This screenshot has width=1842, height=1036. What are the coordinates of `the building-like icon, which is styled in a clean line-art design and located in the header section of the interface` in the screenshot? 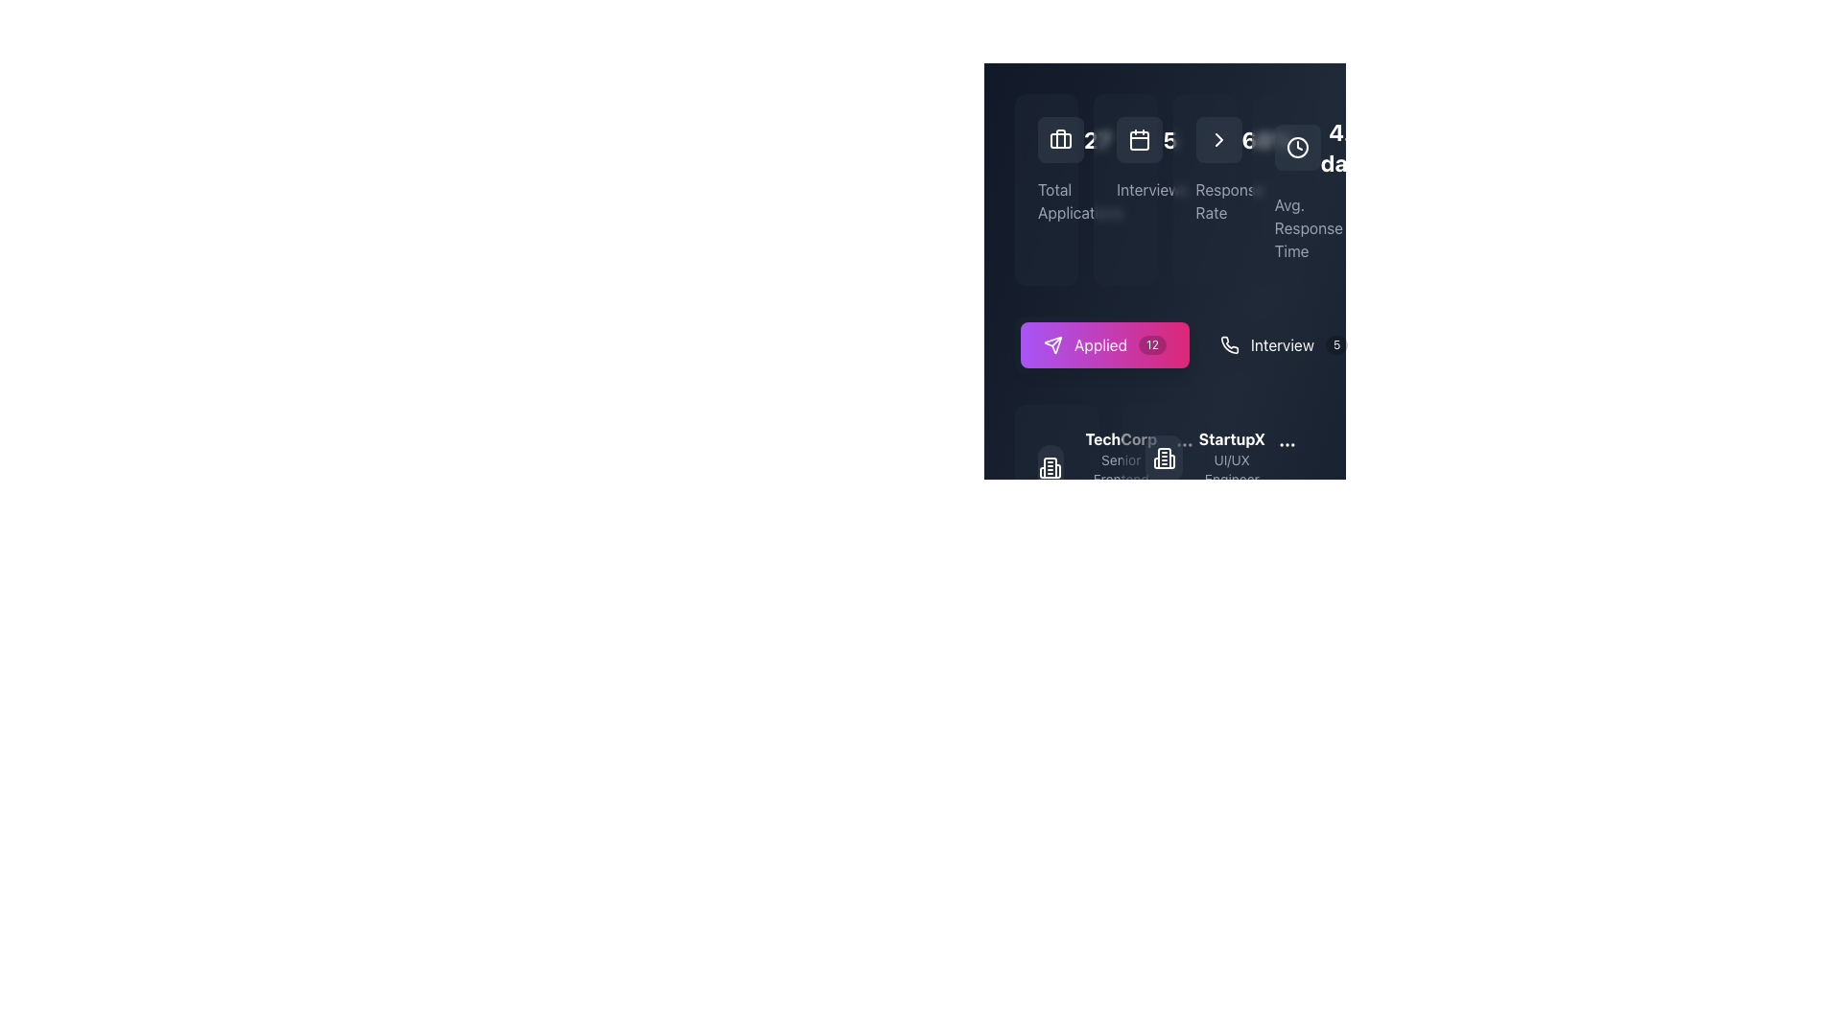 It's located at (1050, 468).